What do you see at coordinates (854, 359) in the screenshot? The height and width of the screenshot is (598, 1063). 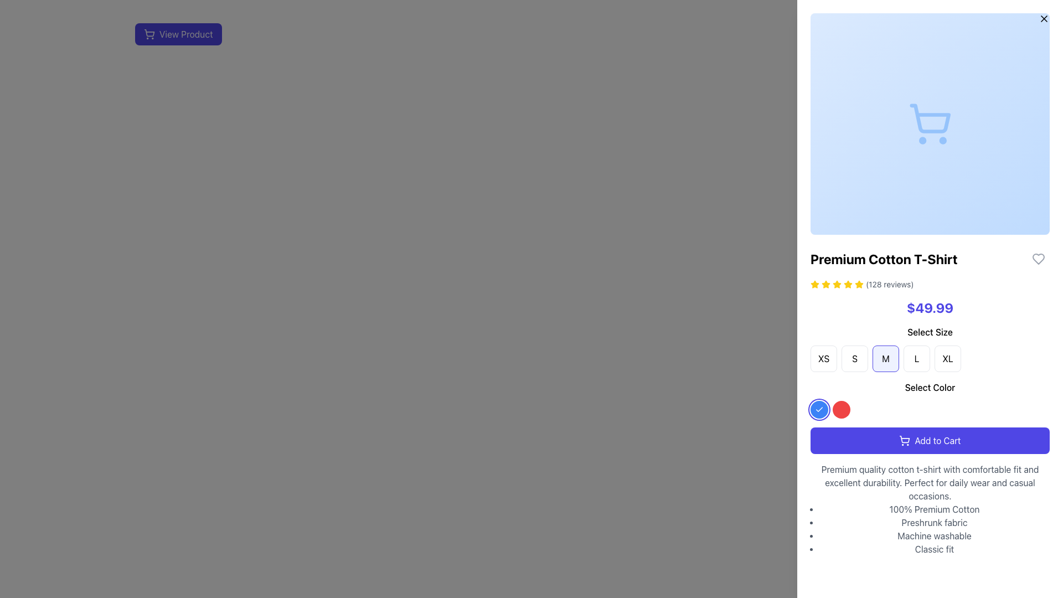 I see `the 'Small' size option button, which is the second button in a row of five size buttons labeled 'XS', 'S', 'M', 'L', 'XL', located below the price section` at bounding box center [854, 359].